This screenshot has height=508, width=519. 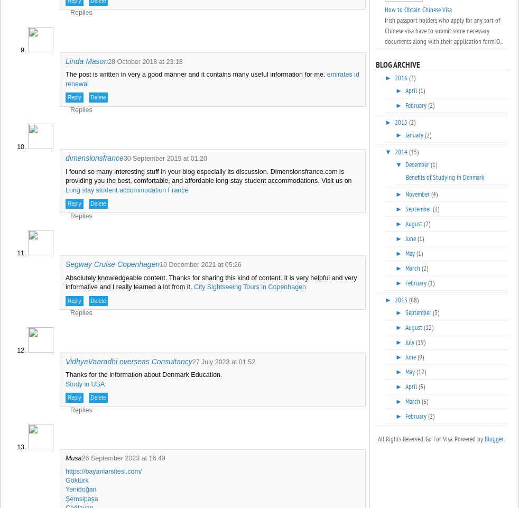 I want to click on 'November', so click(x=404, y=193).